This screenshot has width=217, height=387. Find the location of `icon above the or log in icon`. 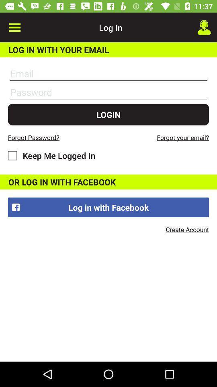

icon above the or log in icon is located at coordinates (51, 155).